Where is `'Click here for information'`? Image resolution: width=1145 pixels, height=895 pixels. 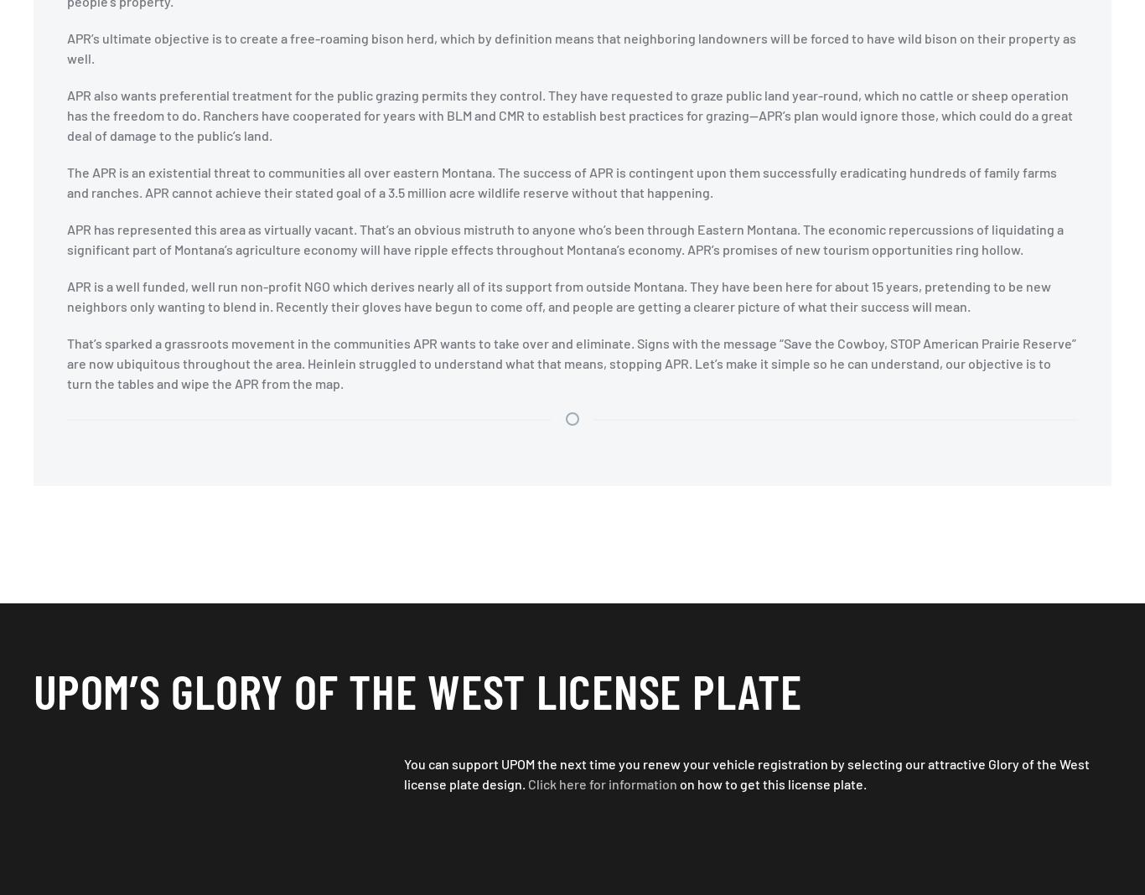
'Click here for information' is located at coordinates (603, 782).